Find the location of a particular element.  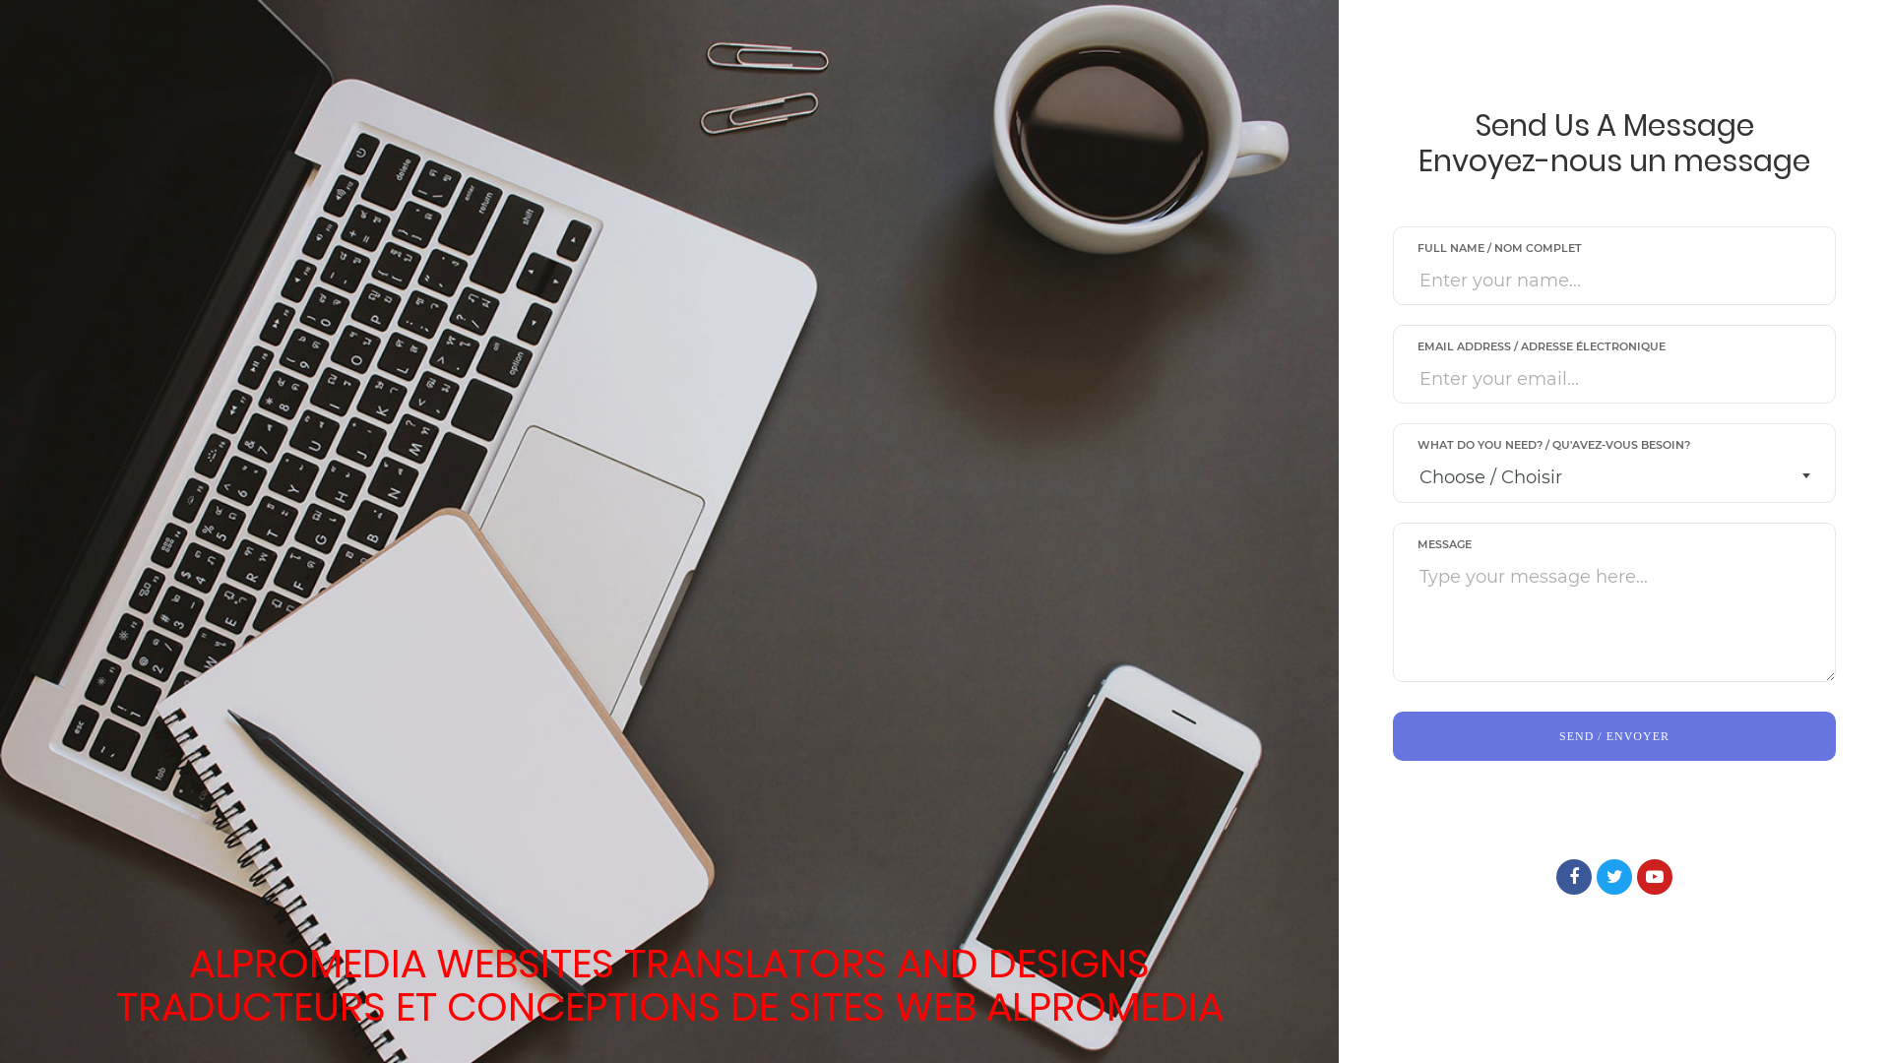

'SEND / ENVOYER' is located at coordinates (1614, 736).